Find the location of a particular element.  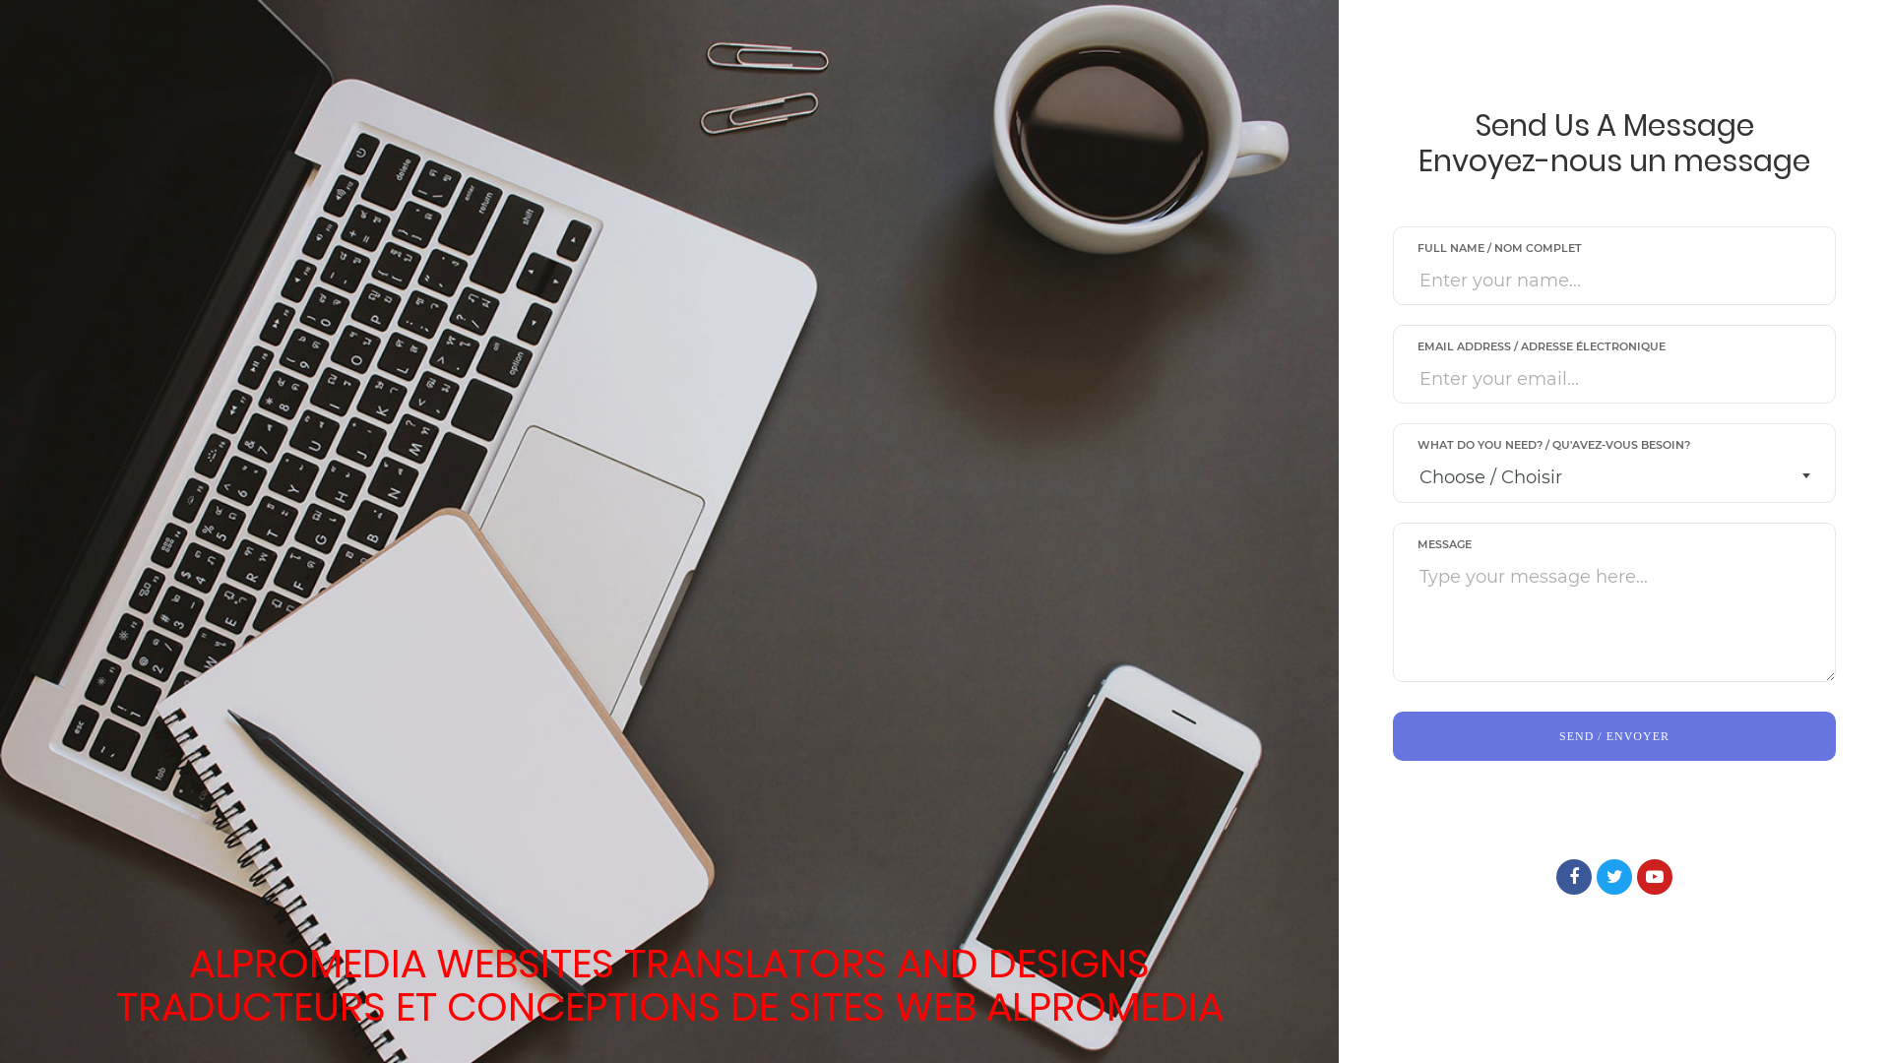

'SEND / ENVOYER' is located at coordinates (1614, 736).